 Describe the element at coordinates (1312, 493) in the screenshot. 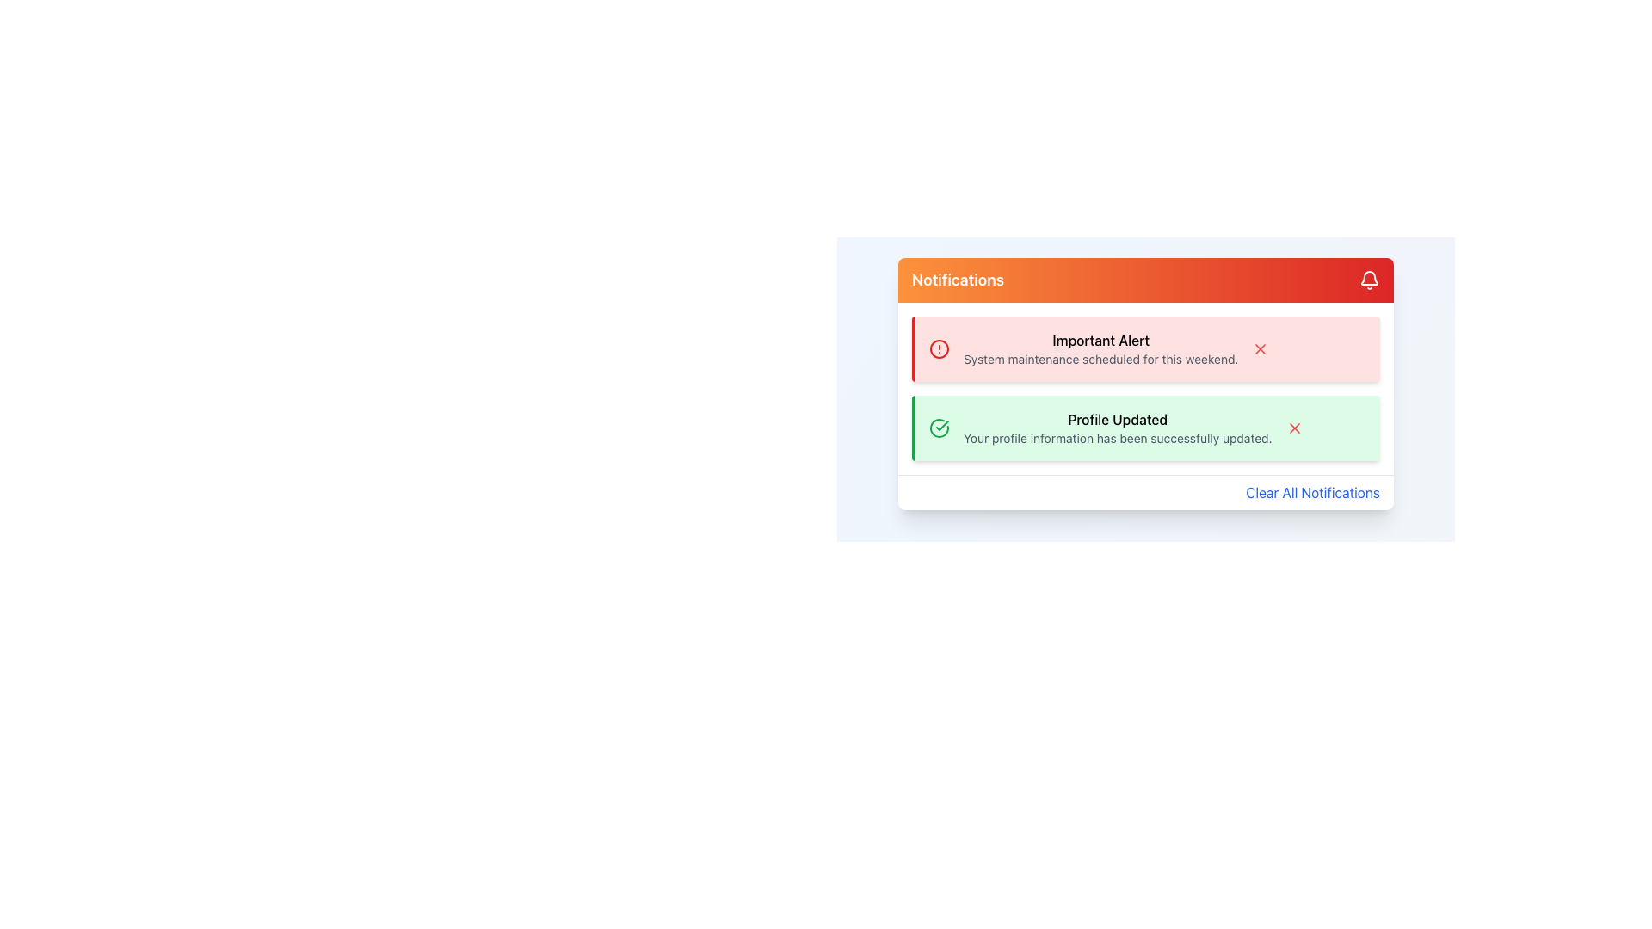

I see `the blue text link labeled 'Clear All Notifications' located at the bottom-right corner of the notification panel` at that location.